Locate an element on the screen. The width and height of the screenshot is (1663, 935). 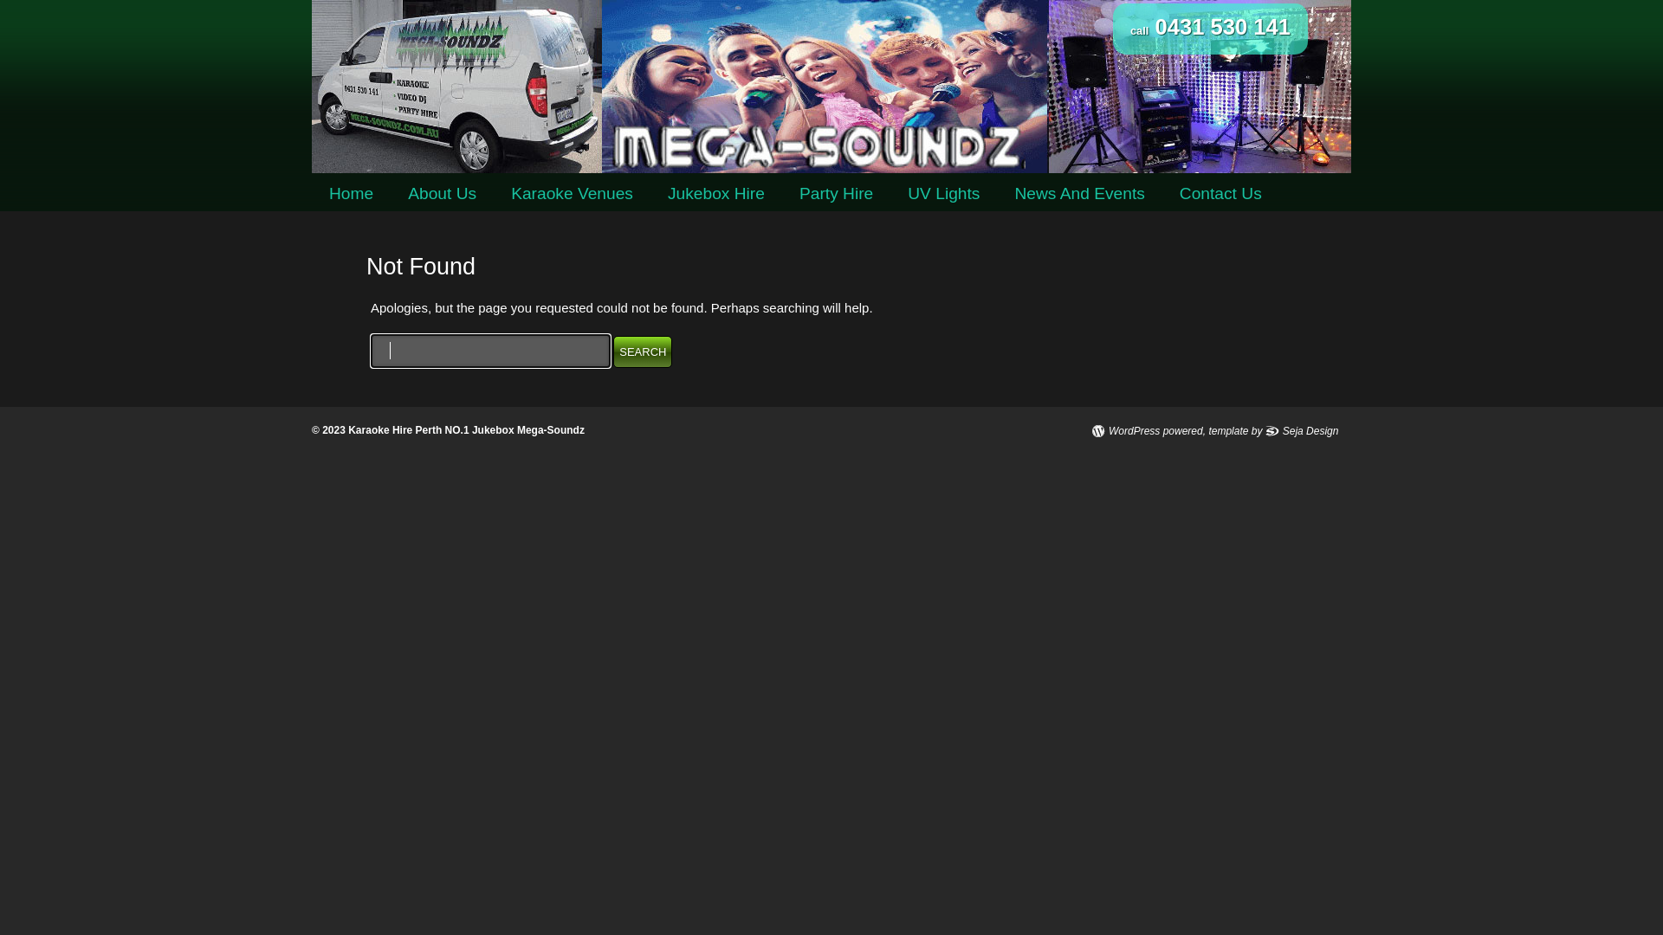
'Party Hire' is located at coordinates (836, 193).